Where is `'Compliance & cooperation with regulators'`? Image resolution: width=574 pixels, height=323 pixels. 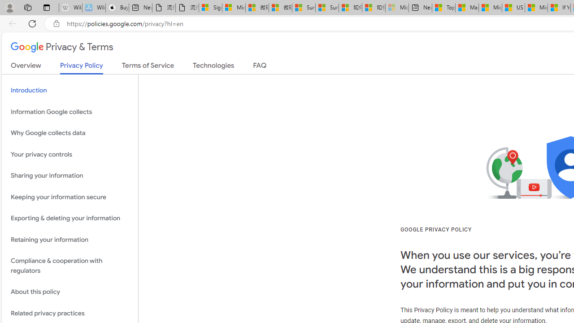 'Compliance & cooperation with regulators' is located at coordinates (70, 265).